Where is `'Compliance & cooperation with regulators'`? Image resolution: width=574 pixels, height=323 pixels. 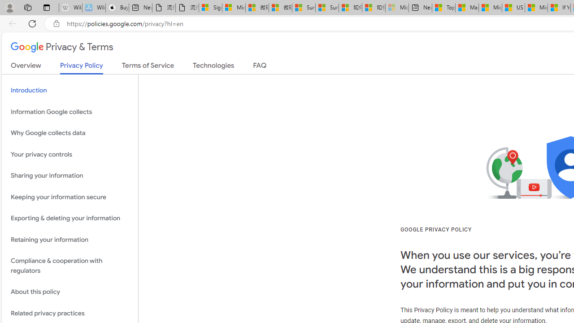 'Compliance & cooperation with regulators' is located at coordinates (70, 265).